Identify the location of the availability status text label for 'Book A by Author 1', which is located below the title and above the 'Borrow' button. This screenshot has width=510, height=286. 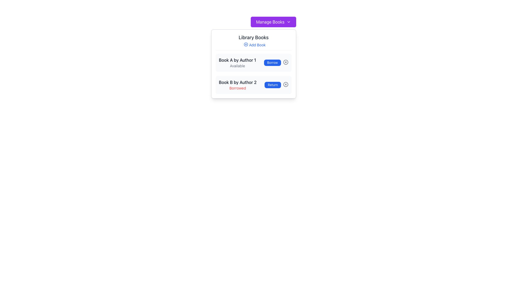
(237, 66).